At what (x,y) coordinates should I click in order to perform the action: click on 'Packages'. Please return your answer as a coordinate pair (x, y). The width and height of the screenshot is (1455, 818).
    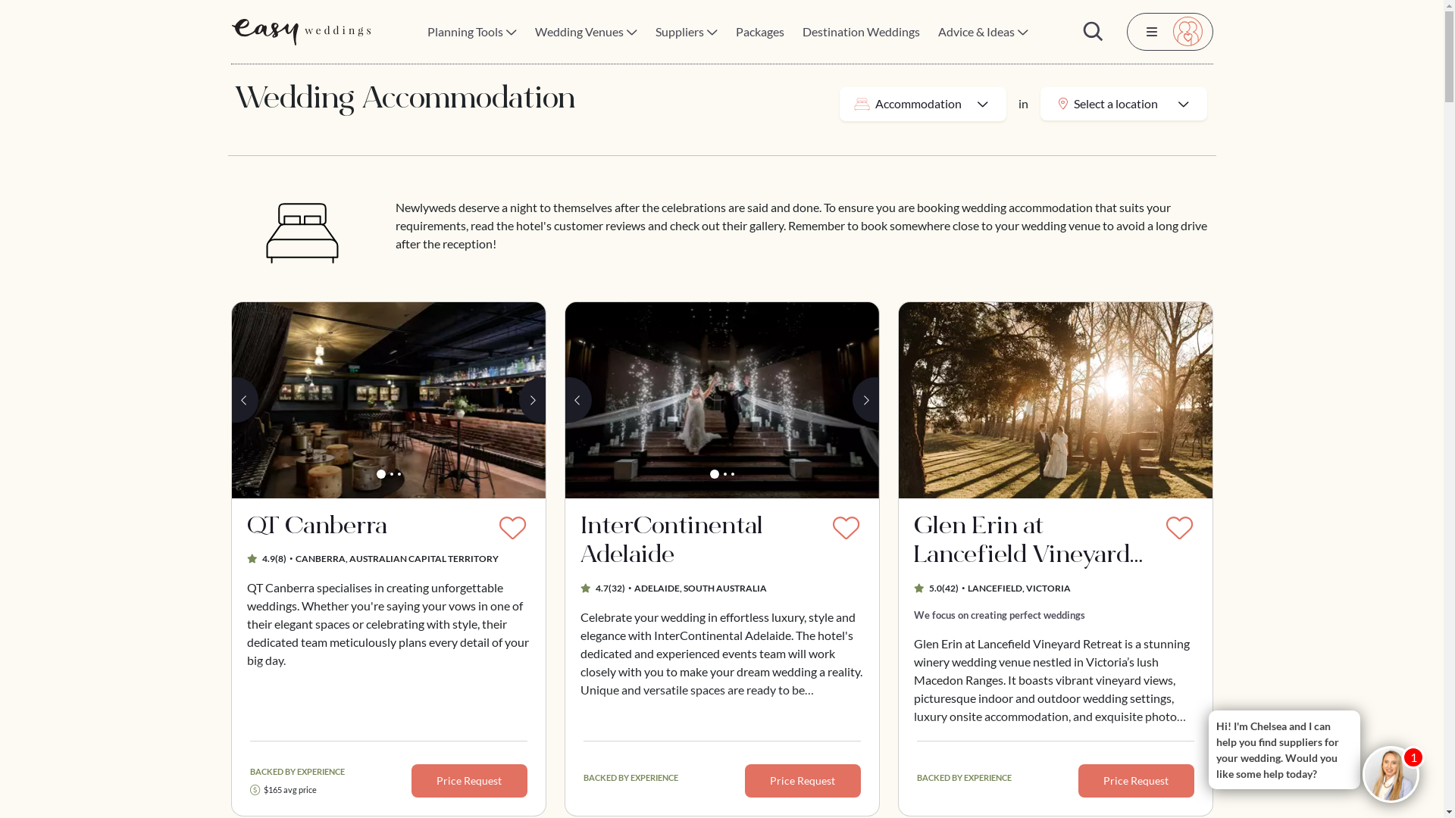
    Looking at the image, I should click on (760, 32).